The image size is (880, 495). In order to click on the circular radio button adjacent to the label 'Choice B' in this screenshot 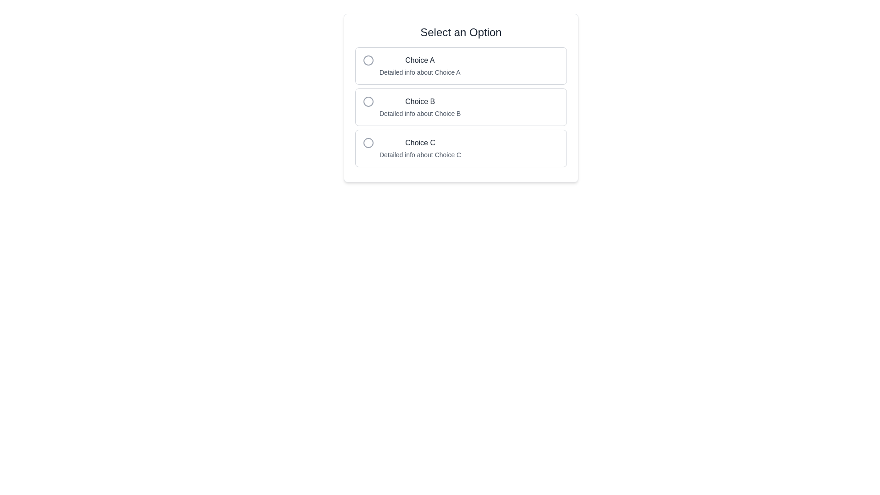, I will do `click(368, 102)`.